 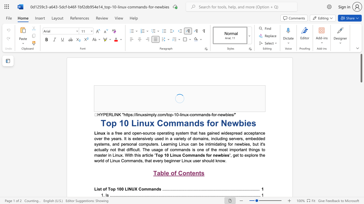 I want to click on the scrollbar to adjust the page downward, so click(x=361, y=144).